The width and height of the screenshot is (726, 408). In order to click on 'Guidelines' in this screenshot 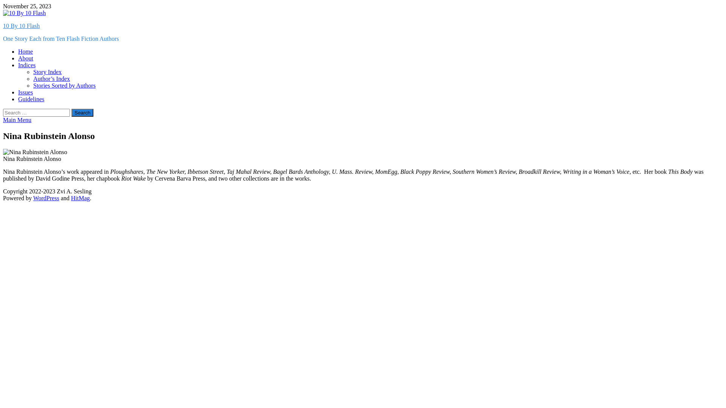, I will do `click(31, 99)`.